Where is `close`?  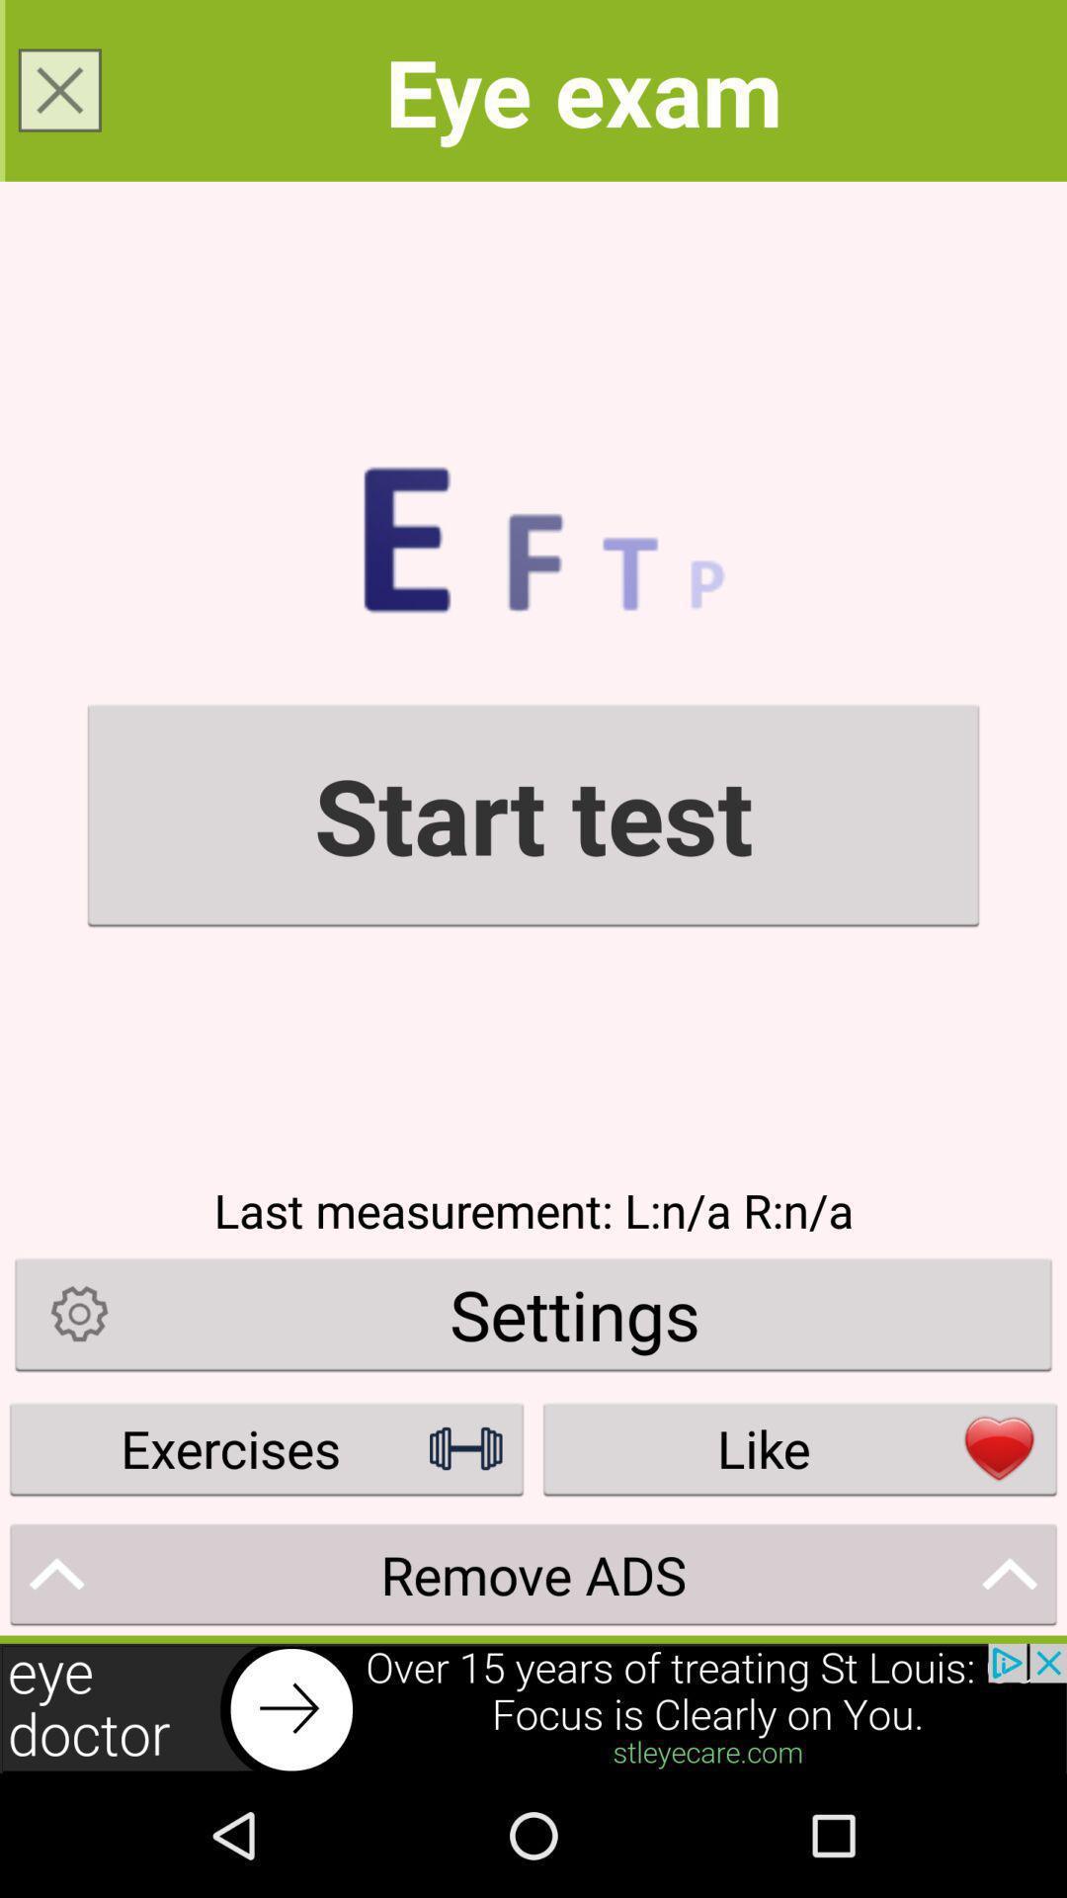
close is located at coordinates (58, 89).